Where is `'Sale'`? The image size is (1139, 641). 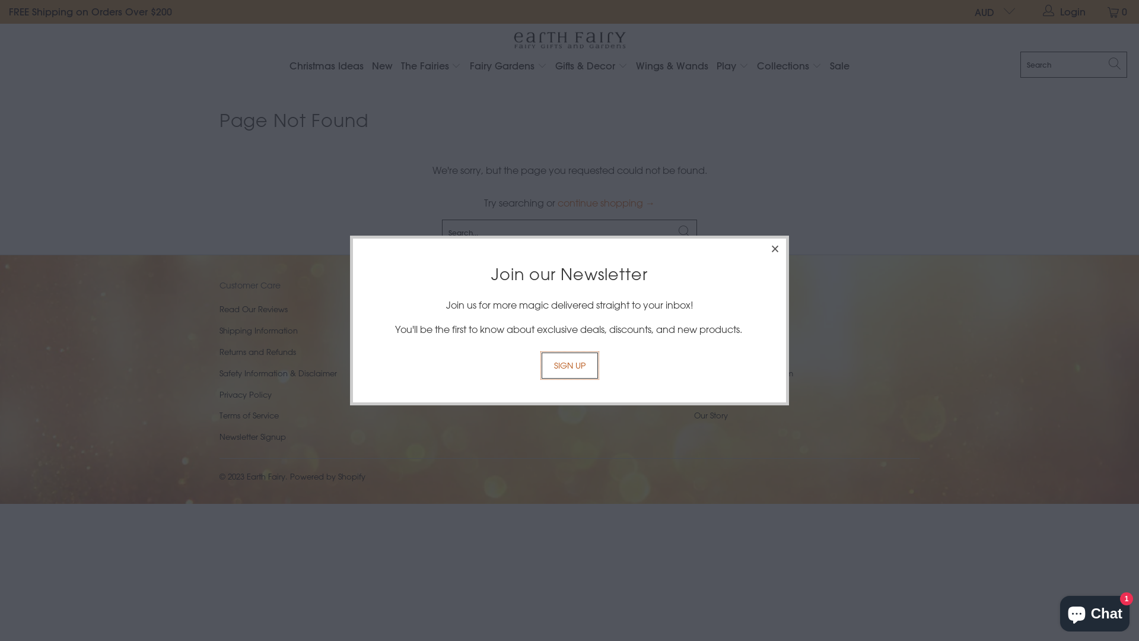 'Sale' is located at coordinates (839, 66).